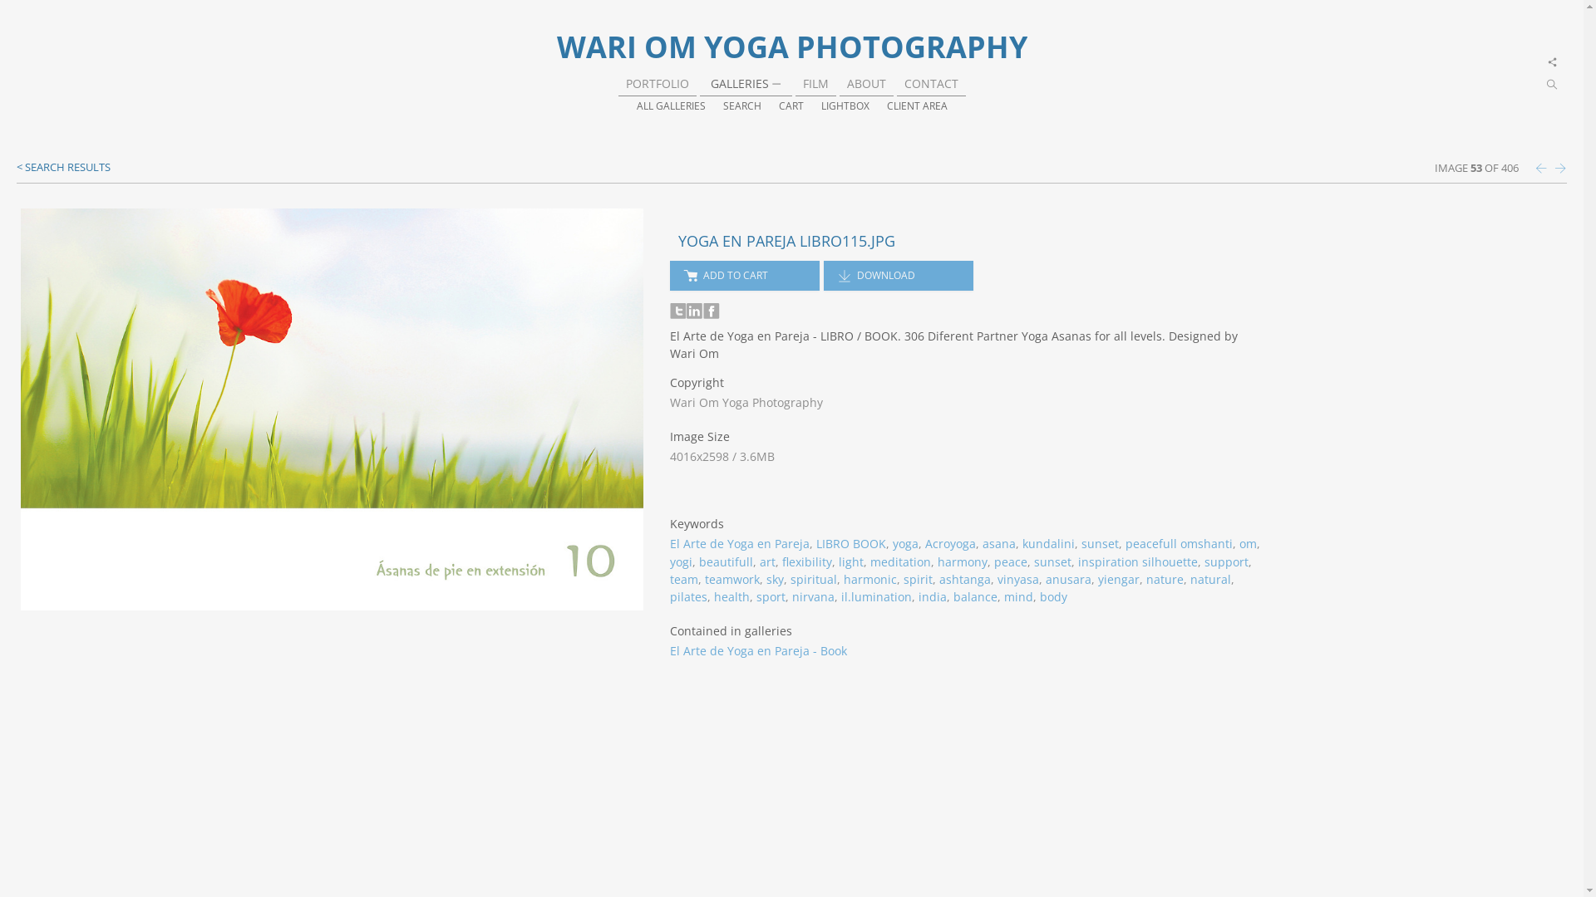 This screenshot has height=897, width=1596. What do you see at coordinates (1017, 578) in the screenshot?
I see `'vinyasa'` at bounding box center [1017, 578].